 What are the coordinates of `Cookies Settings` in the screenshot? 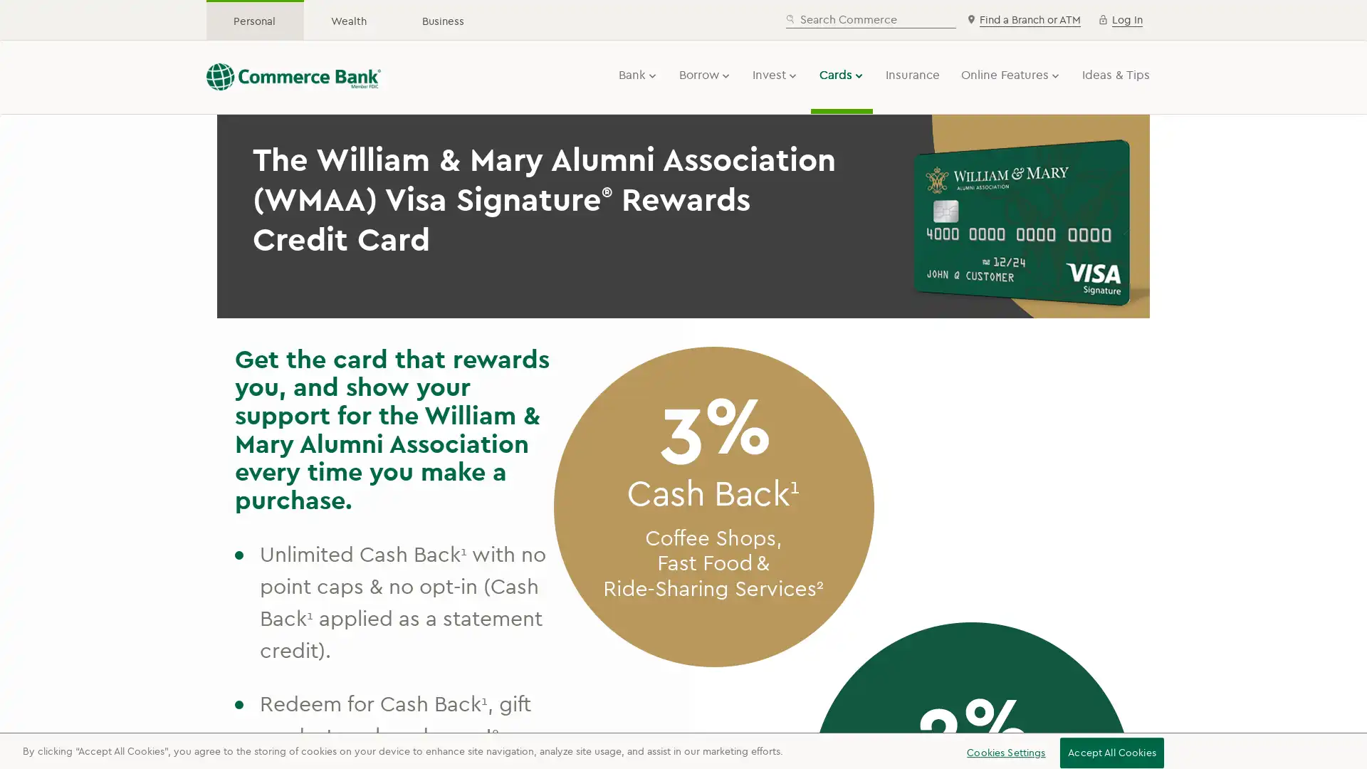 It's located at (1001, 751).